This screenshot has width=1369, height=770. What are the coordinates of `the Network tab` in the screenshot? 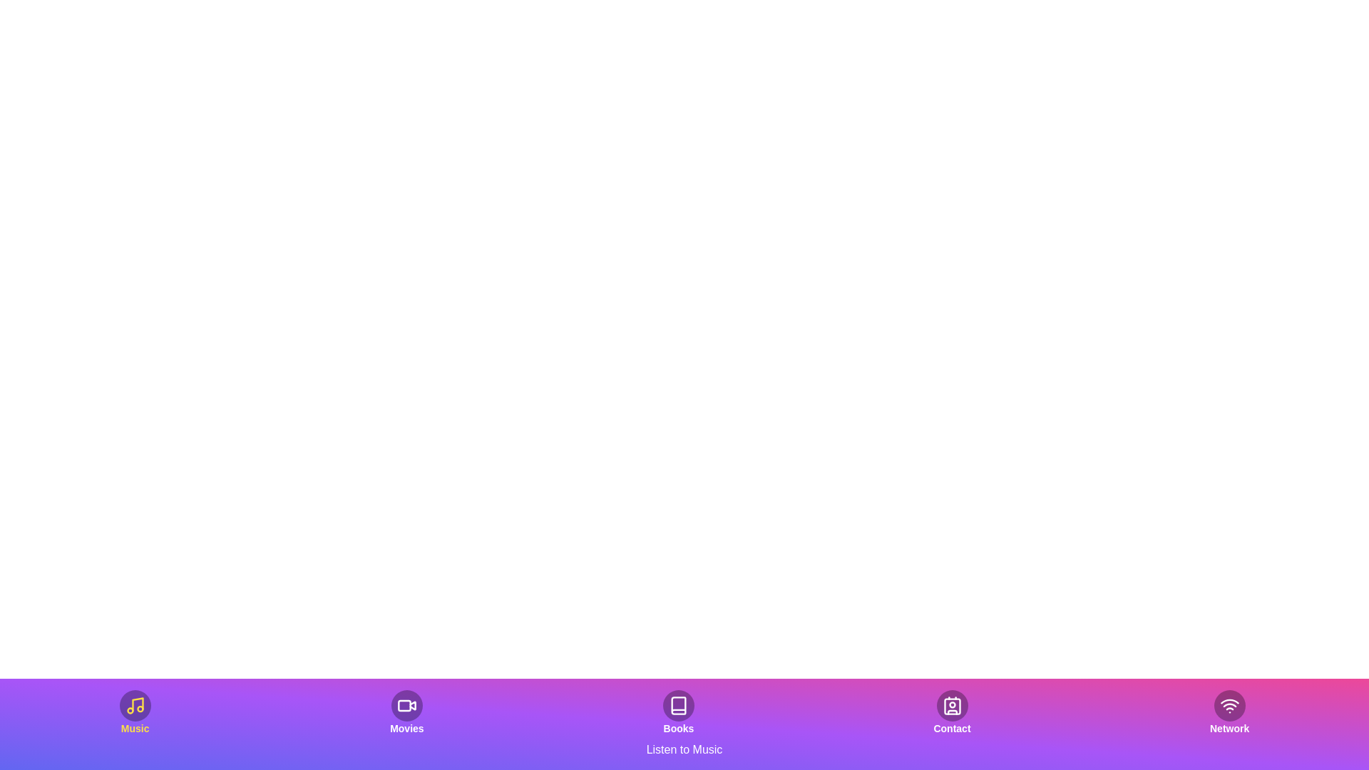 It's located at (1229, 712).